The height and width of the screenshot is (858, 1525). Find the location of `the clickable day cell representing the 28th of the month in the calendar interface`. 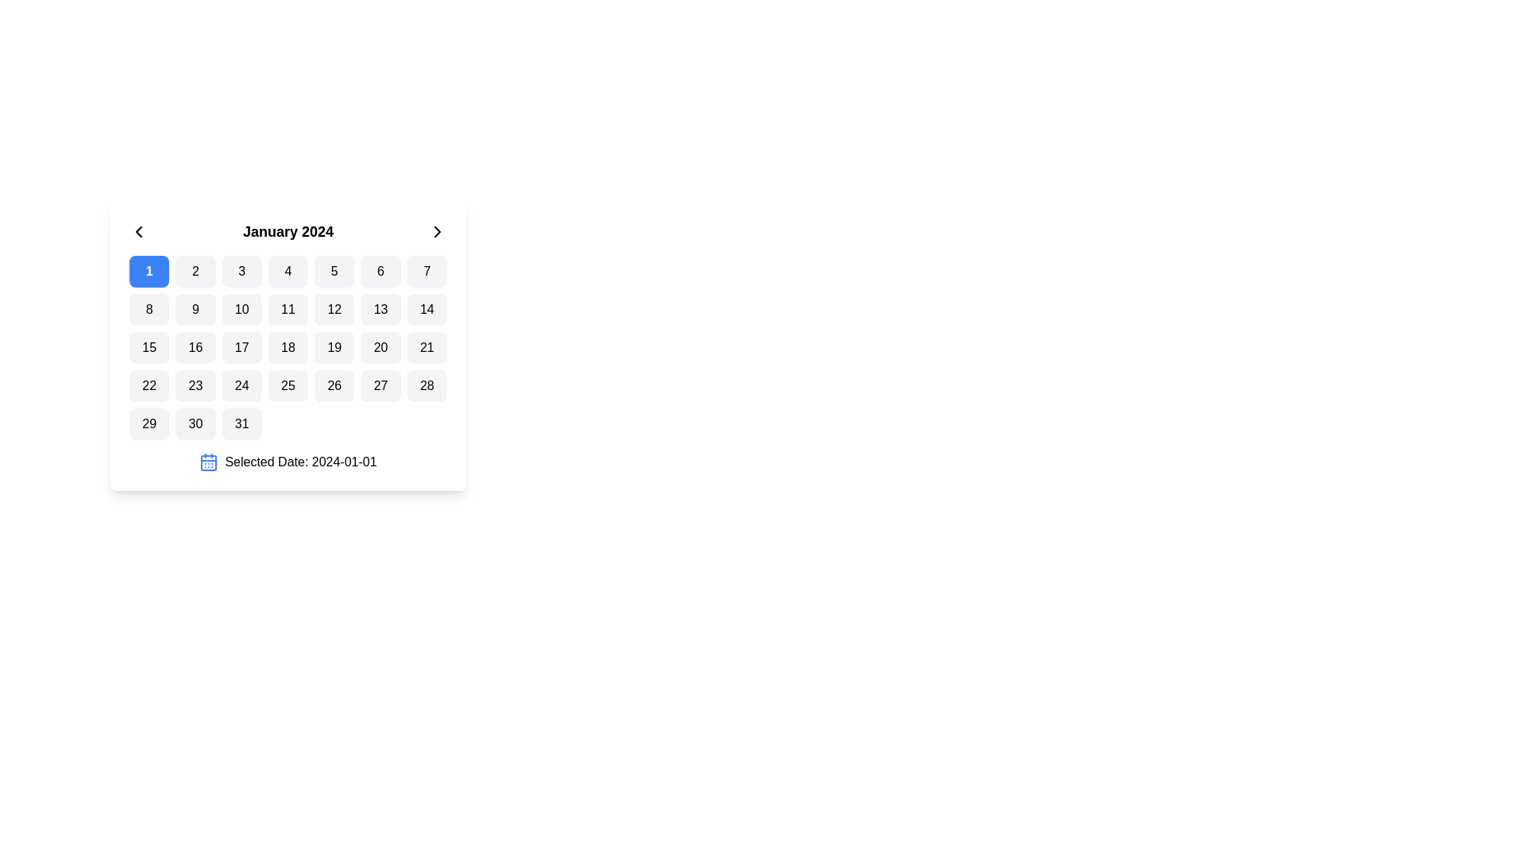

the clickable day cell representing the 28th of the month in the calendar interface is located at coordinates (427, 386).